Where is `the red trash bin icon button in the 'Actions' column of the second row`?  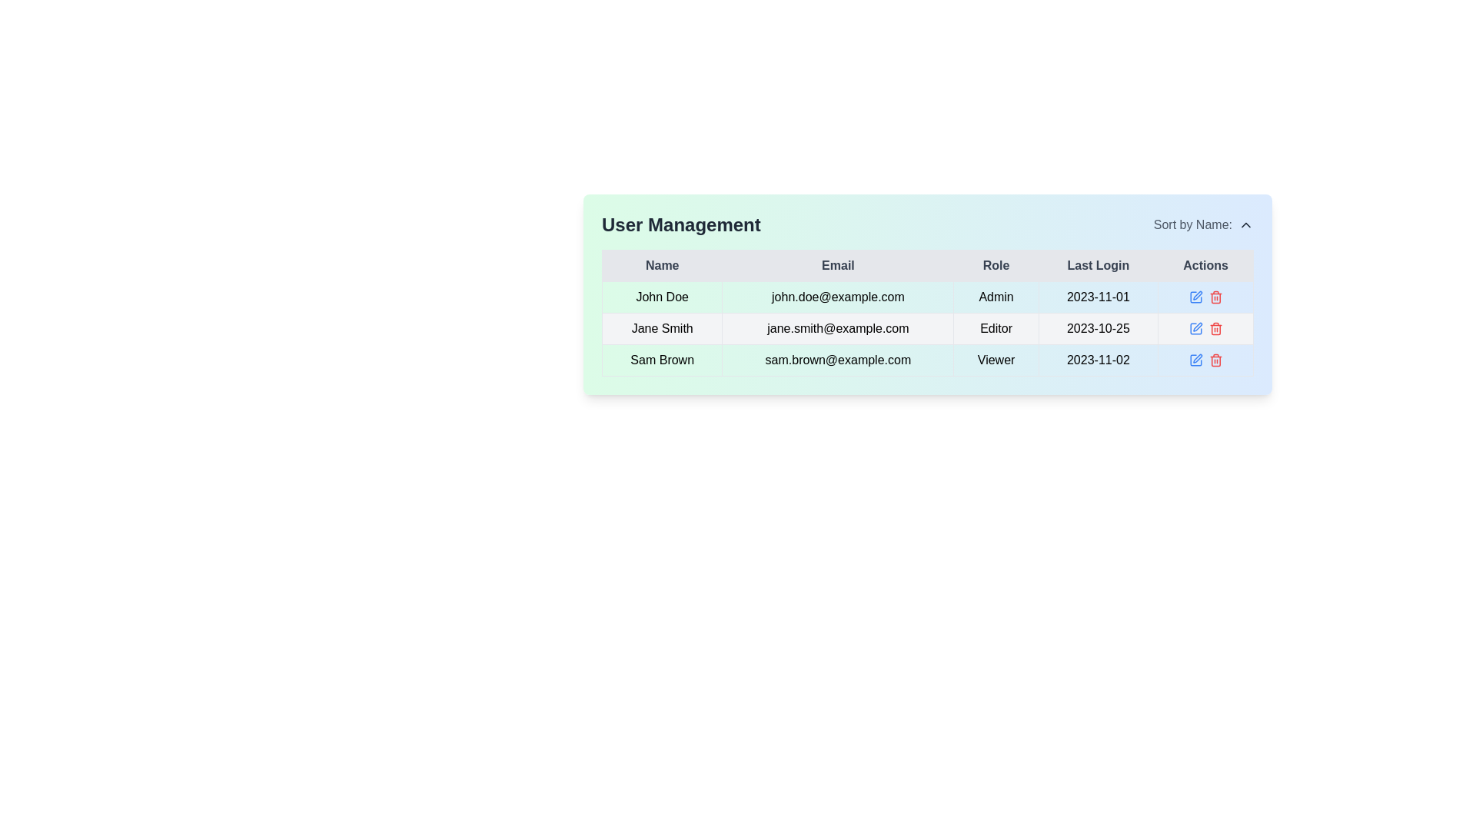
the red trash bin icon button in the 'Actions' column of the second row is located at coordinates (1215, 297).